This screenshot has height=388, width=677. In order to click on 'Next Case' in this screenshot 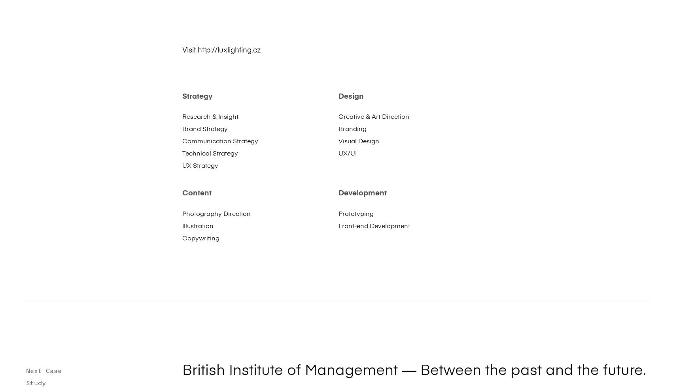, I will do `click(43, 370)`.